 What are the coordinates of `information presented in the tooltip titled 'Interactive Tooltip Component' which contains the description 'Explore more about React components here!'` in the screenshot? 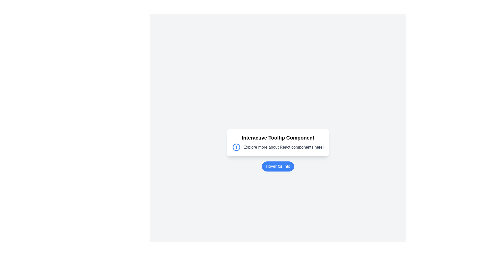 It's located at (278, 143).